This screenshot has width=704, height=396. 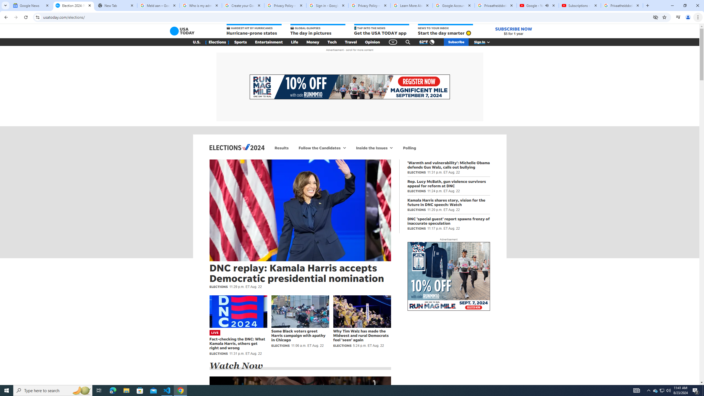 What do you see at coordinates (409, 147) in the screenshot?
I see `'Polling'` at bounding box center [409, 147].